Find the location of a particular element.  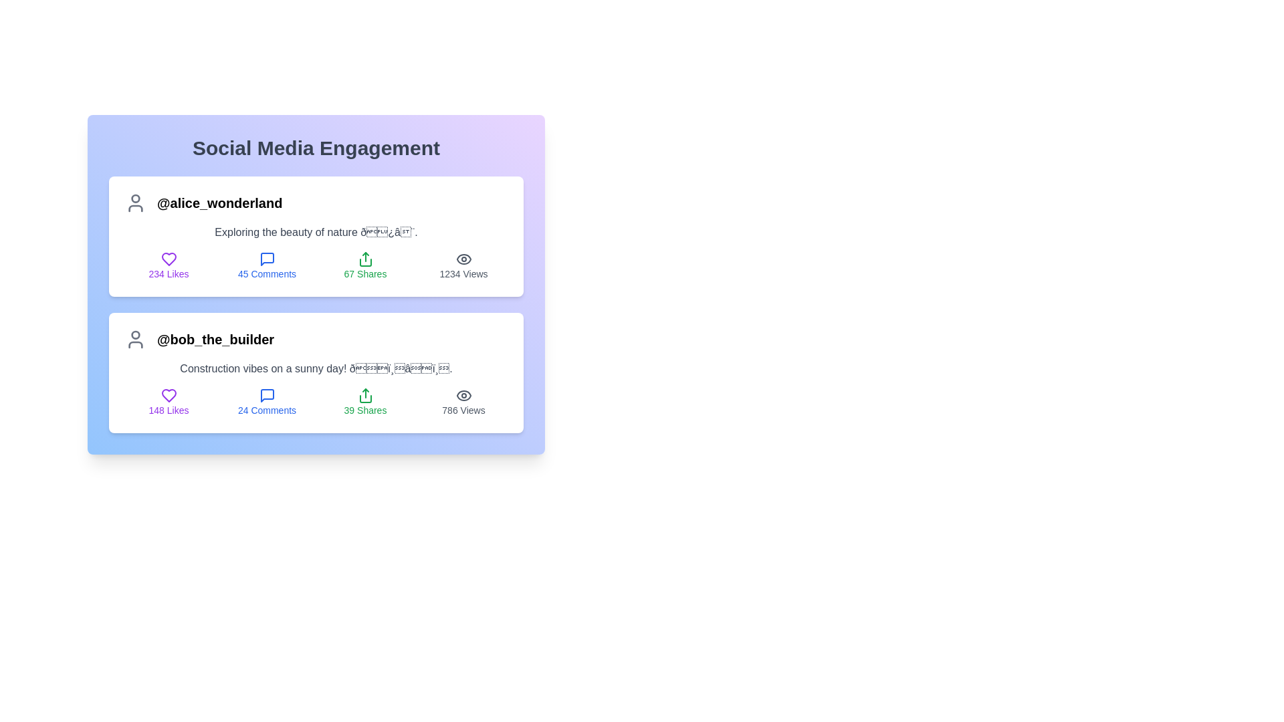

the speech bubble icon representing comments or messages, which is the second interactive element in the horizontal row below the '@alice_wonderland' post is located at coordinates (267, 259).